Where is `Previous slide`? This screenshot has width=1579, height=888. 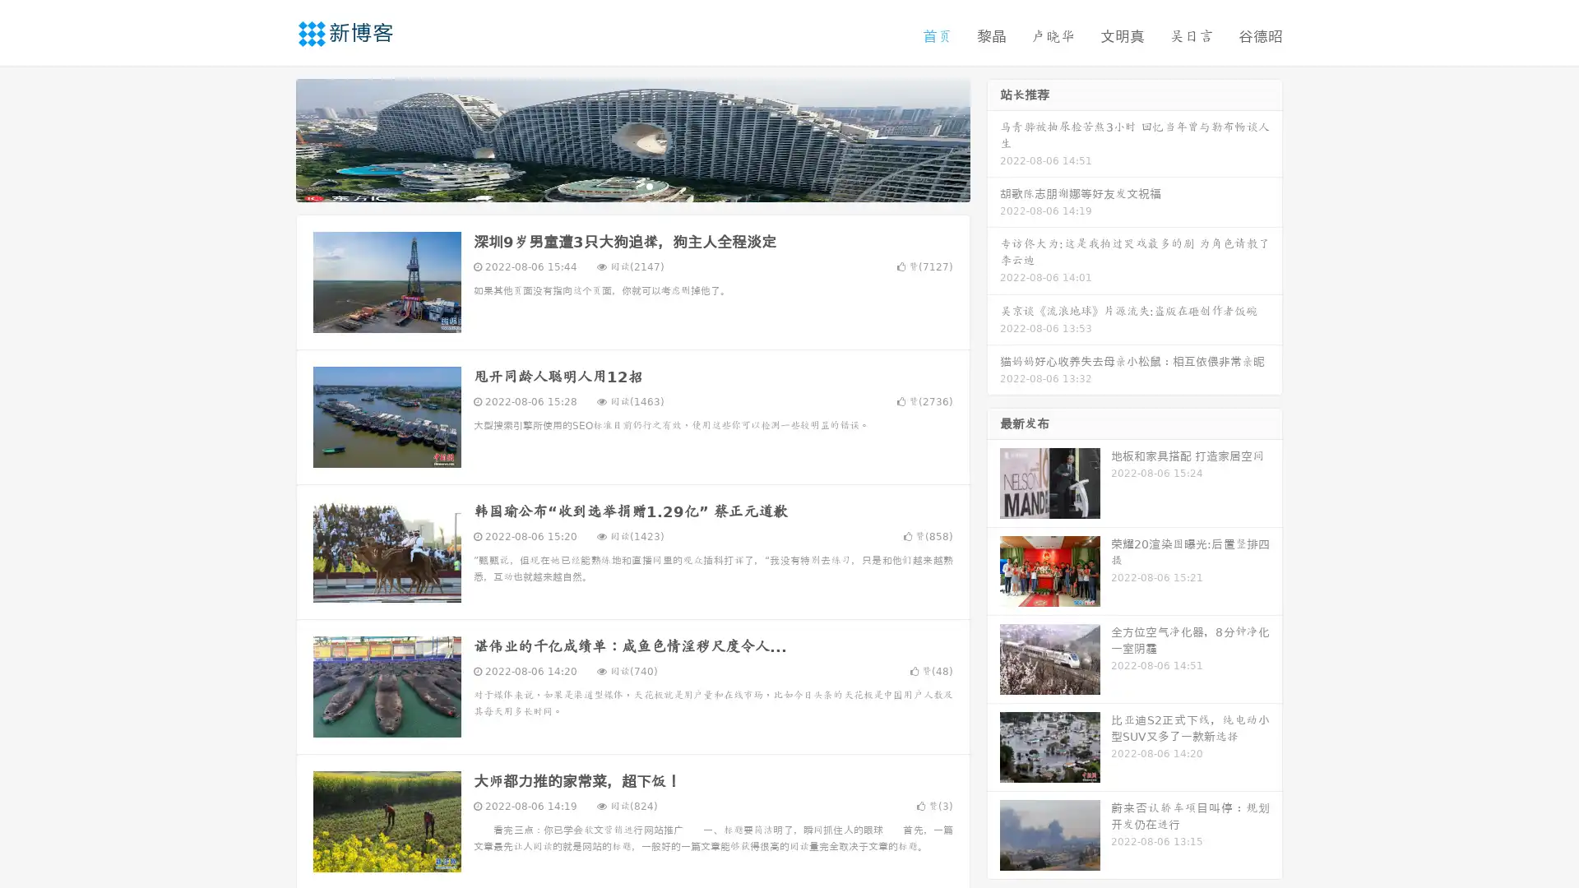 Previous slide is located at coordinates (271, 138).